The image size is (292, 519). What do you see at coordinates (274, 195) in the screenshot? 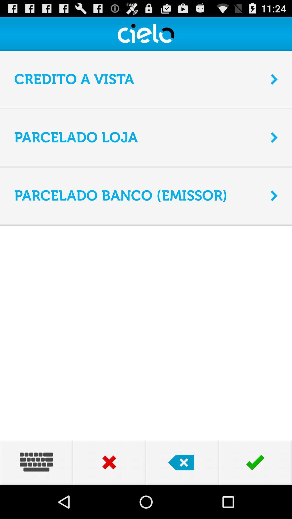
I see `item to the right of the parcelado banco (emissor) app` at bounding box center [274, 195].